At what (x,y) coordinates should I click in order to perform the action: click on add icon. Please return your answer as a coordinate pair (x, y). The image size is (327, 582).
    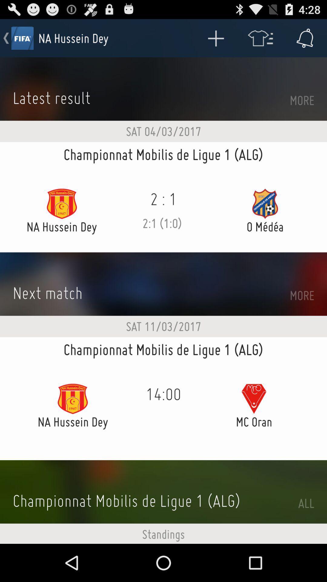
    Looking at the image, I should click on (215, 38).